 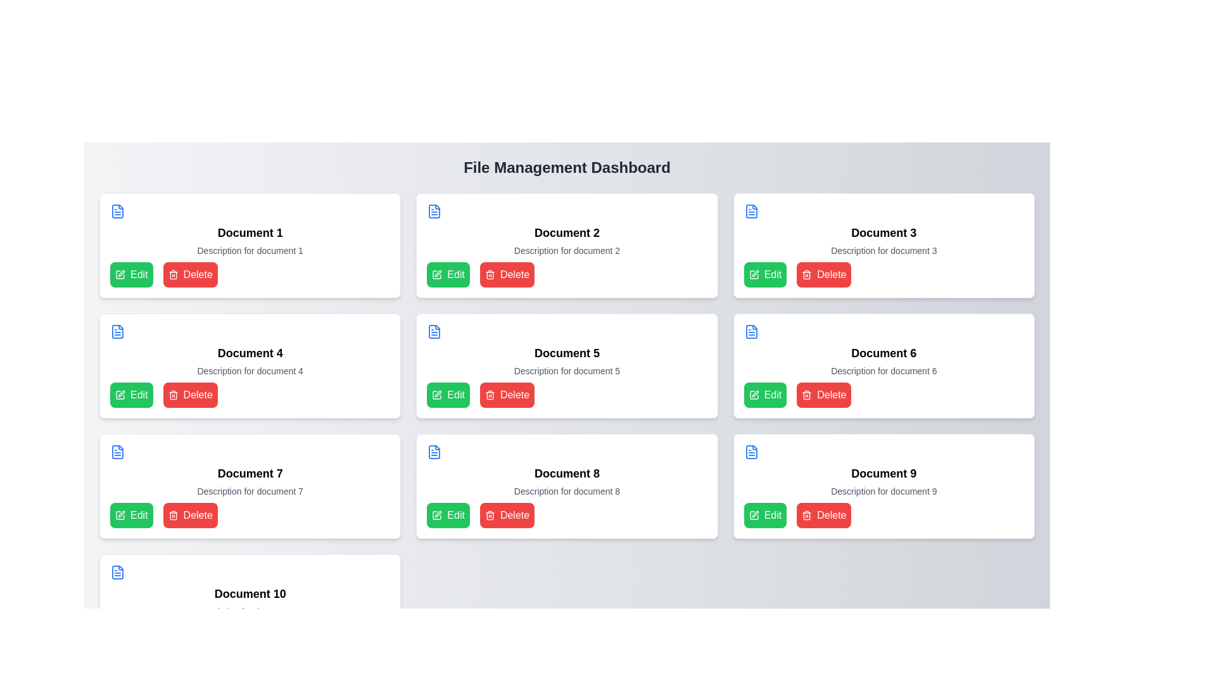 What do you see at coordinates (489, 395) in the screenshot?
I see `the delete icon located within the document entry card for 'Document 5'` at bounding box center [489, 395].